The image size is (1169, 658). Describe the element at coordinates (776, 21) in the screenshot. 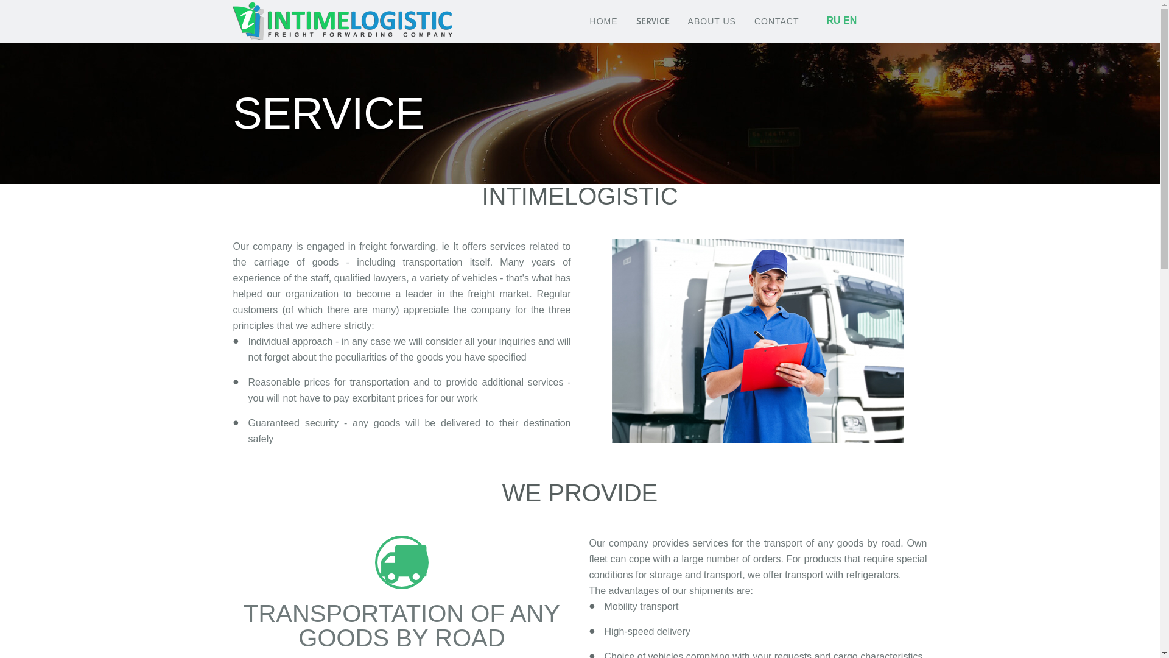

I see `'CONTACT'` at that location.